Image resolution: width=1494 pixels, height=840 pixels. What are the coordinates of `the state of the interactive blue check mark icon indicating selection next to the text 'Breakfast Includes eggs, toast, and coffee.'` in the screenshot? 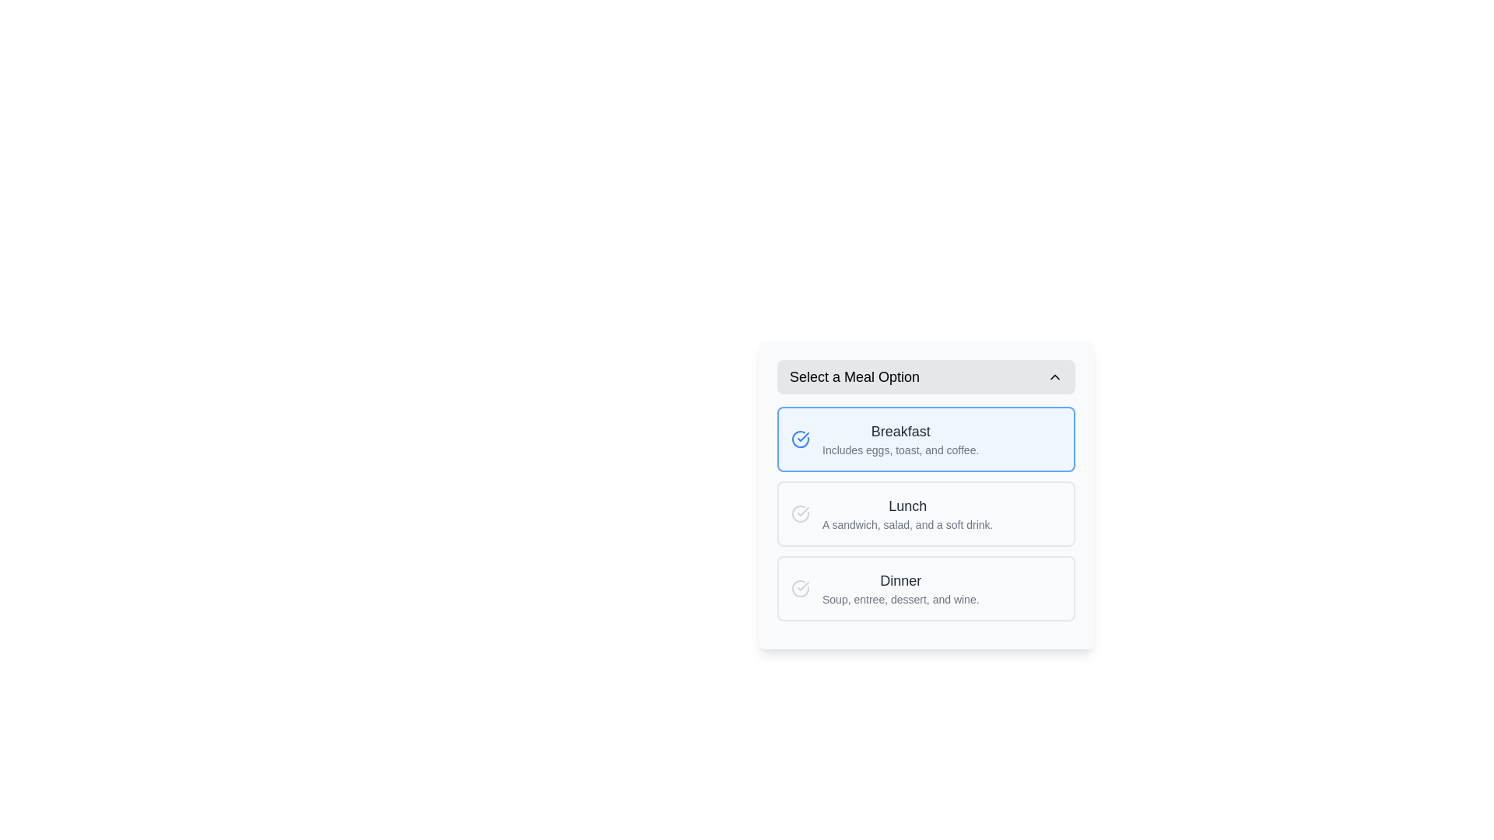 It's located at (800, 439).